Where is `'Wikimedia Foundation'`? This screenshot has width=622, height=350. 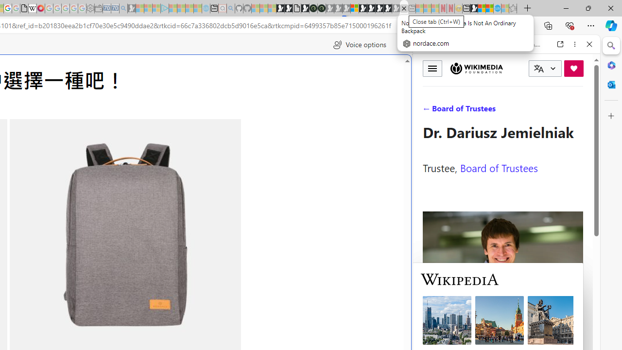 'Wikimedia Foundation' is located at coordinates (477, 68).